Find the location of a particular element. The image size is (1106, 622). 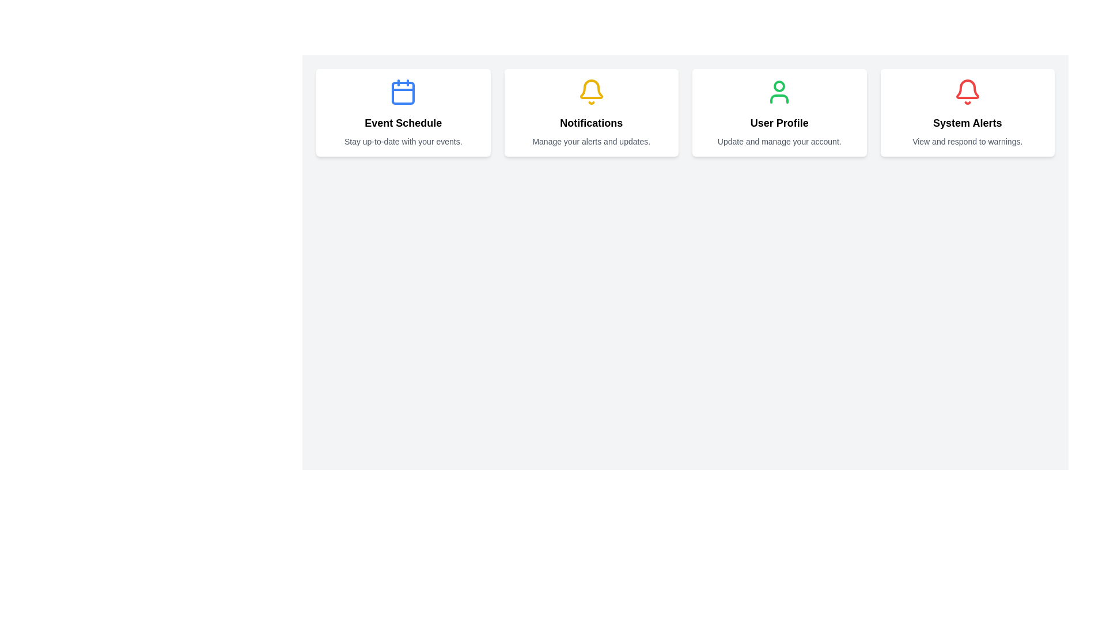

the text label that reads 'Update and manage your account.', which is styled in small grey font and positioned below the bold 'User Profile' label is located at coordinates (779, 141).